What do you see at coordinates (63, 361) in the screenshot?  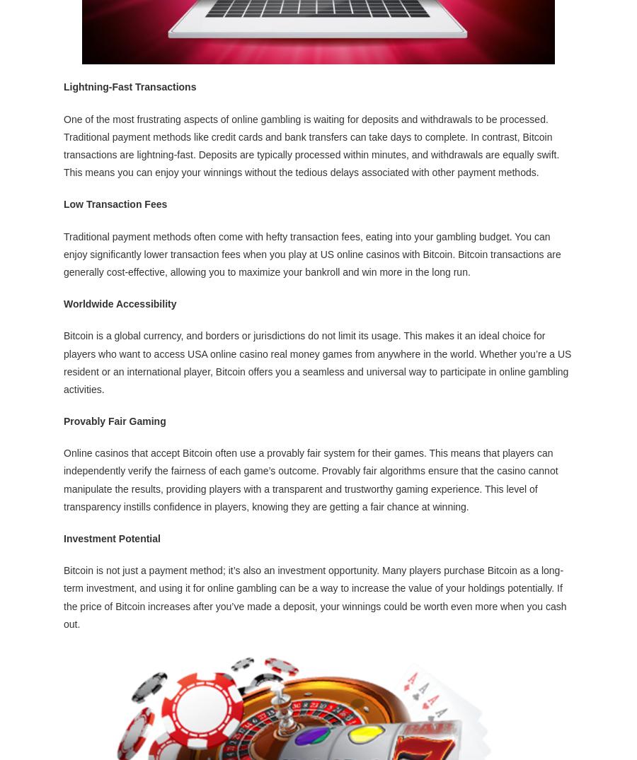 I see `'Bitcoin is a global currency, and borders or jurisdictions do not limit its usage. This makes it an ideal choice for players who want to access USA online casino real money games from anywhere in the world. Whether you’re a US resident or an international player, Bitcoin offers you a seamless and universal way to participate in online gambling activities.'` at bounding box center [63, 361].